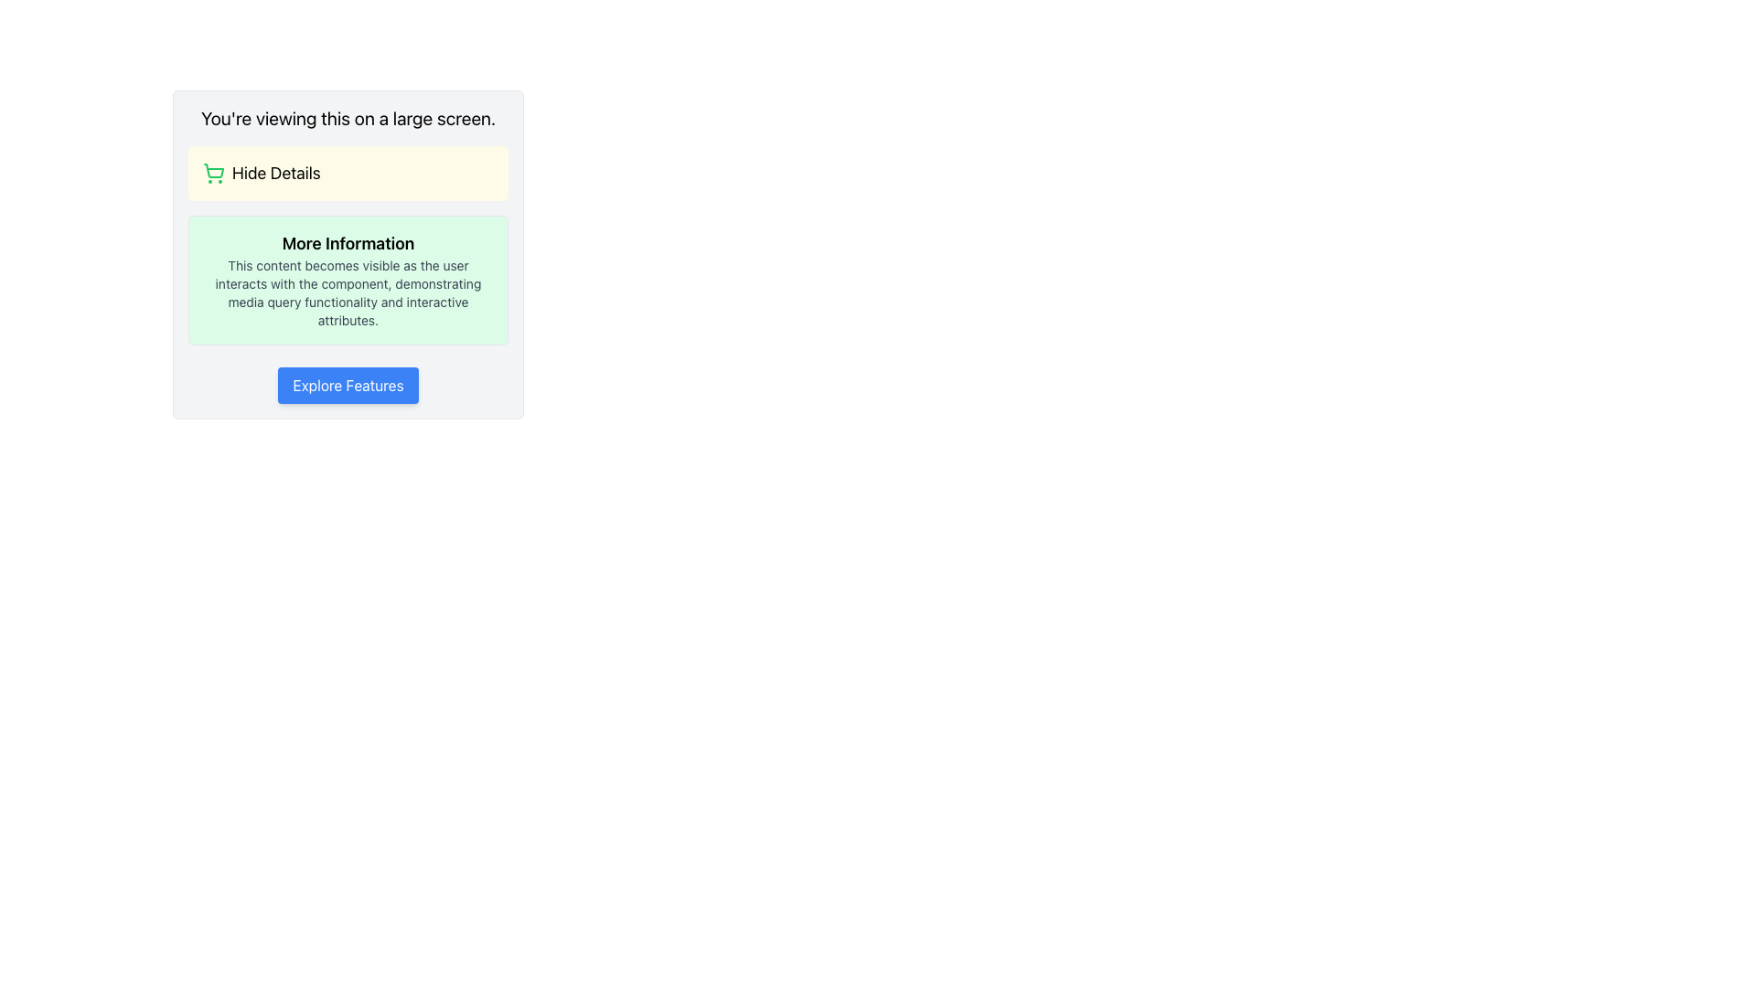  What do you see at coordinates (348, 242) in the screenshot?
I see `the Text Label that serves as a heading or title for the descriptive text below it, which is horizontally centered within a green box` at bounding box center [348, 242].